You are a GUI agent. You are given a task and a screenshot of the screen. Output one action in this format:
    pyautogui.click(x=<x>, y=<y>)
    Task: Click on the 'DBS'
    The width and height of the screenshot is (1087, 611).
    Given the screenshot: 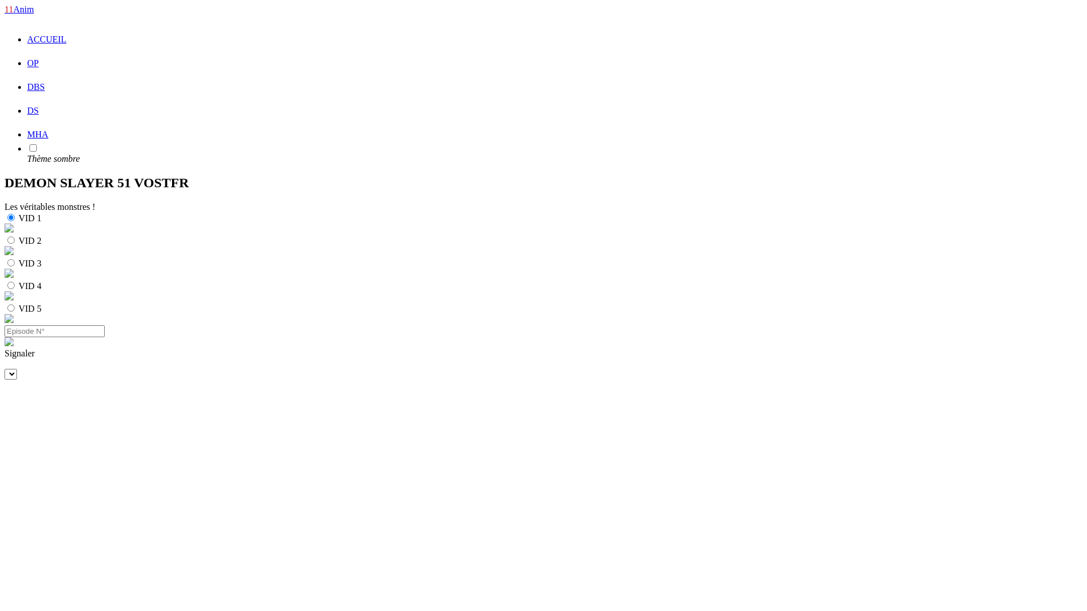 What is the action you would take?
    pyautogui.click(x=36, y=86)
    